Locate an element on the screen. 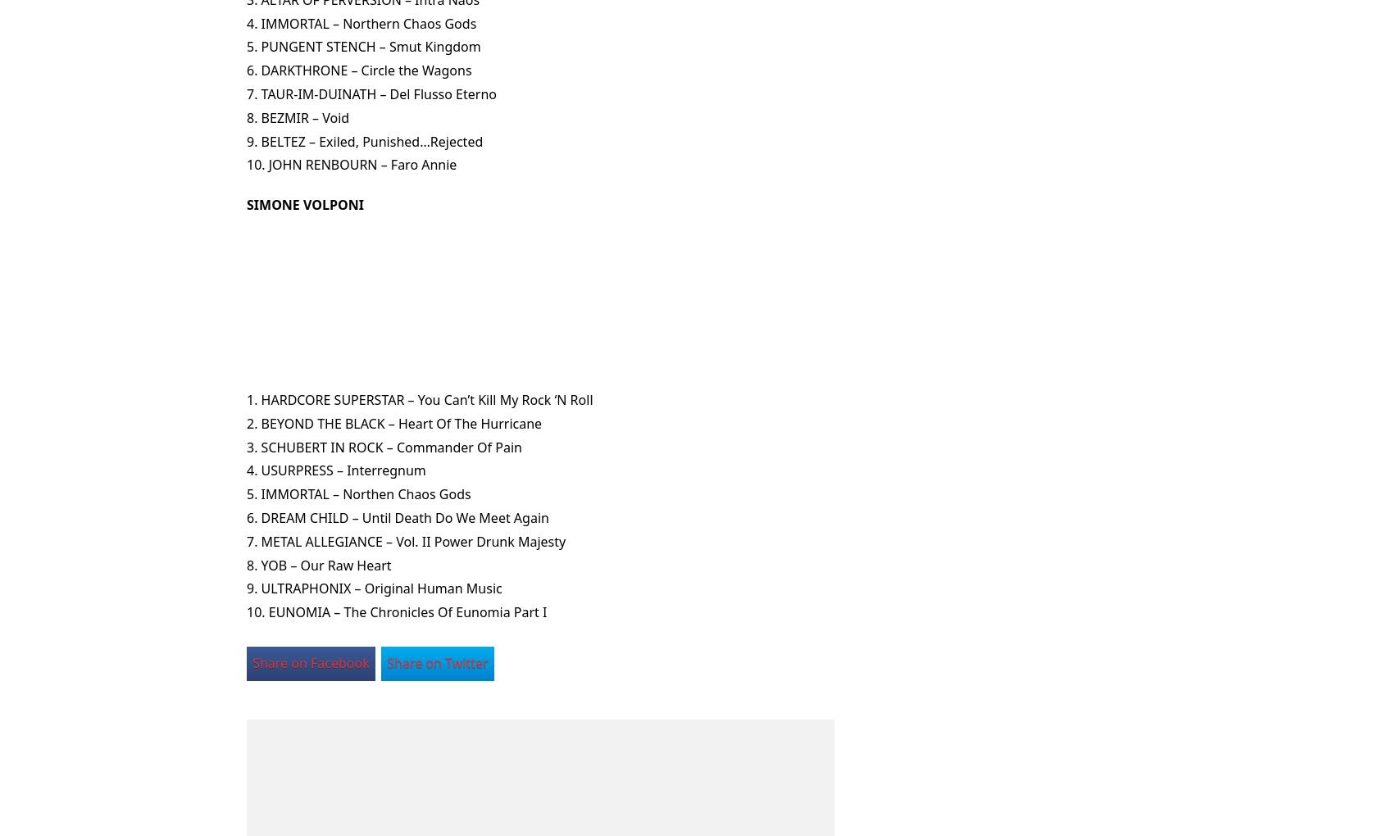 Image resolution: width=1387 pixels, height=836 pixels. '10. JOHN RENBOURN – Faro Annie' is located at coordinates (350, 164).